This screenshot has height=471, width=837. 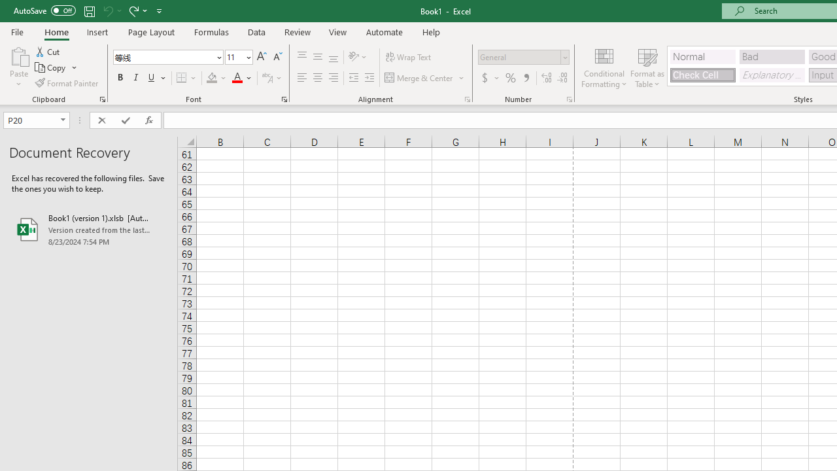 I want to click on 'Copy', so click(x=51, y=67).